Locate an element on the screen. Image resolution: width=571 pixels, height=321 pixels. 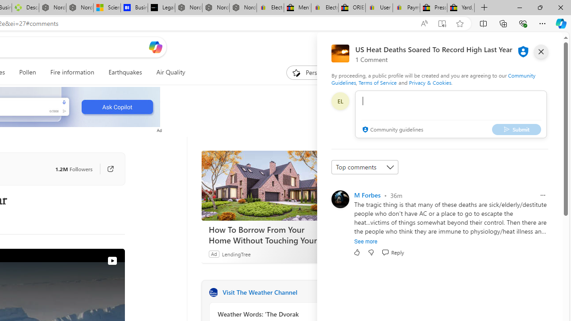
'Report comment' is located at coordinates (542, 195).